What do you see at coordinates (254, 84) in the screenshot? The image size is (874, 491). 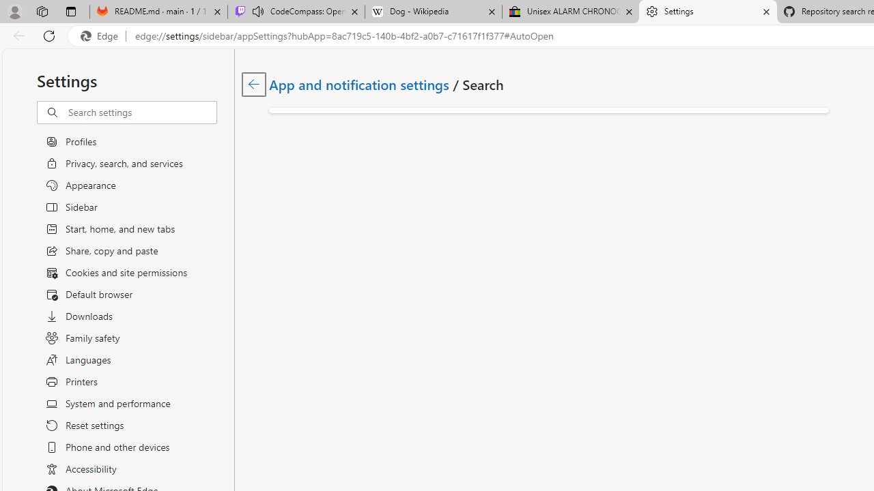 I see `'Go back to App and notification settings page.'` at bounding box center [254, 84].